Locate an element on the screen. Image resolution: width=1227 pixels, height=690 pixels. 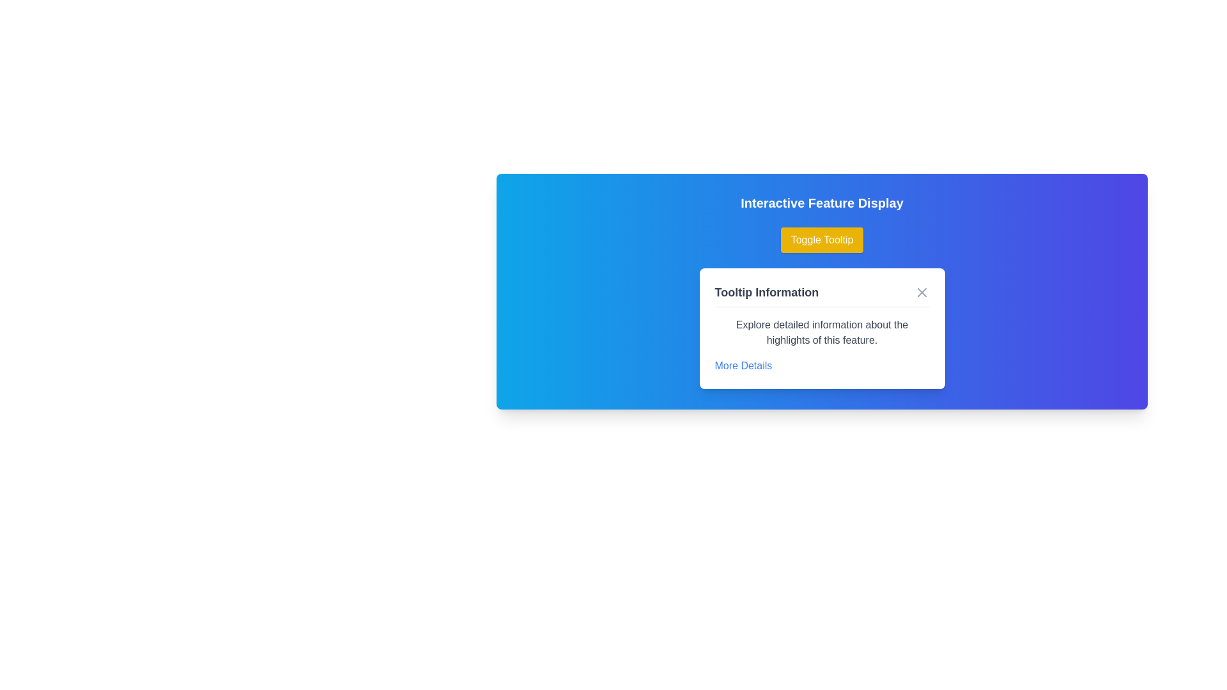
bold text element displaying 'Tooltip Information', which is positioned at the top of the tooltip component is located at coordinates (766, 293).